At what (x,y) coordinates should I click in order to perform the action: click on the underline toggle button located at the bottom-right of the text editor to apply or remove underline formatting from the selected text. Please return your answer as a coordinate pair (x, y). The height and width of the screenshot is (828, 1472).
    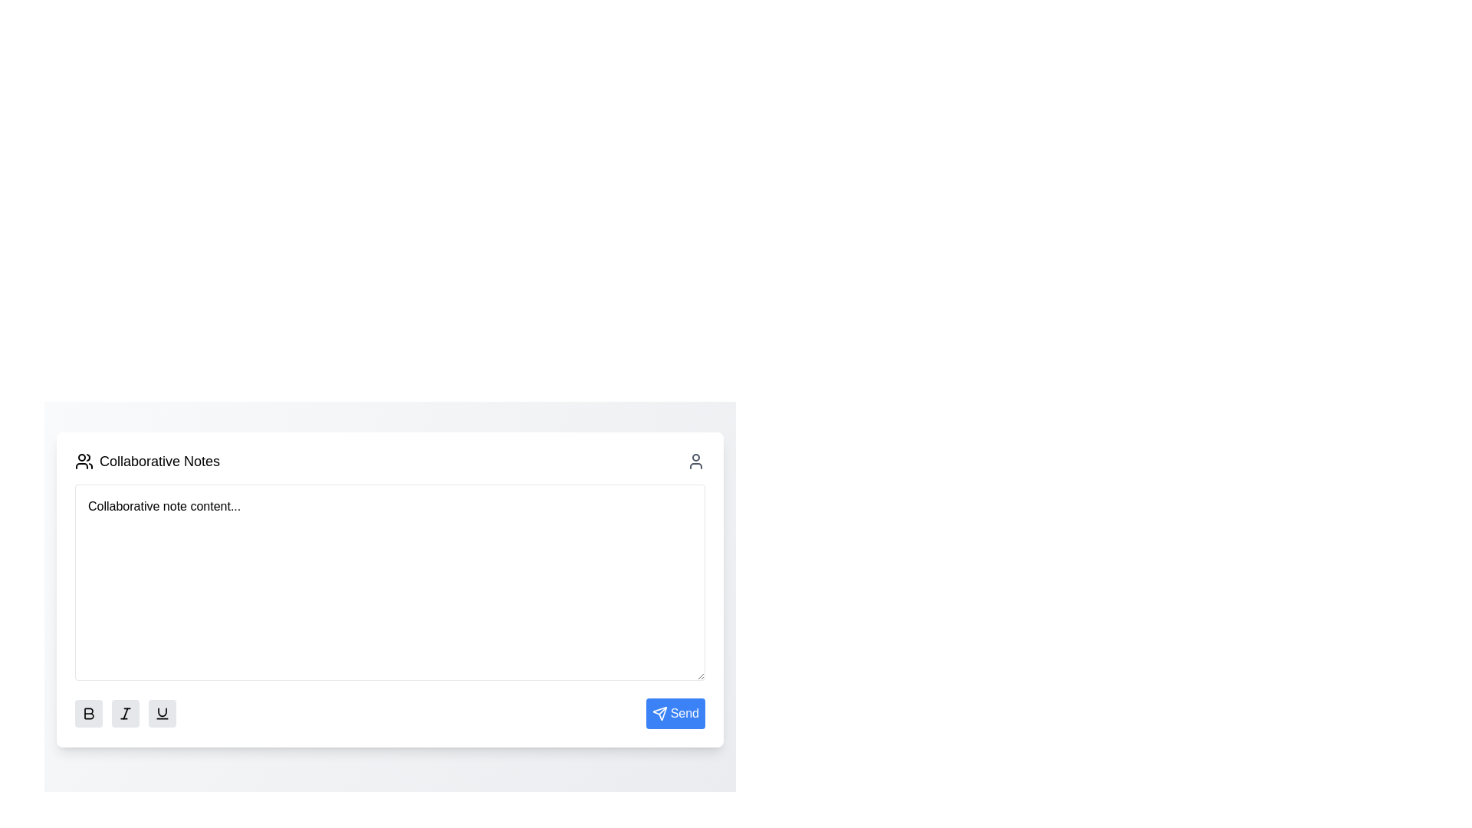
    Looking at the image, I should click on (162, 713).